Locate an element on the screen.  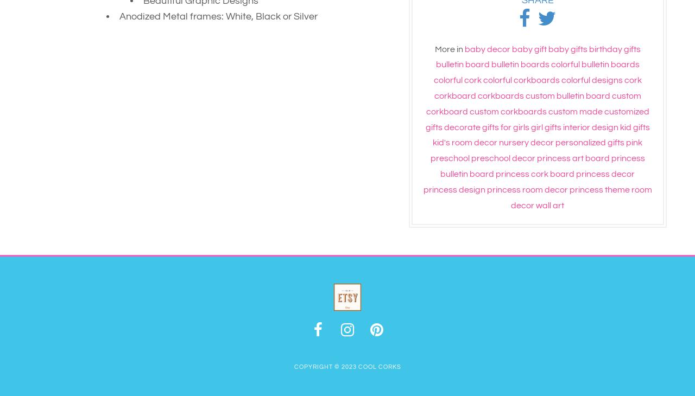
'More in' is located at coordinates (448, 48).